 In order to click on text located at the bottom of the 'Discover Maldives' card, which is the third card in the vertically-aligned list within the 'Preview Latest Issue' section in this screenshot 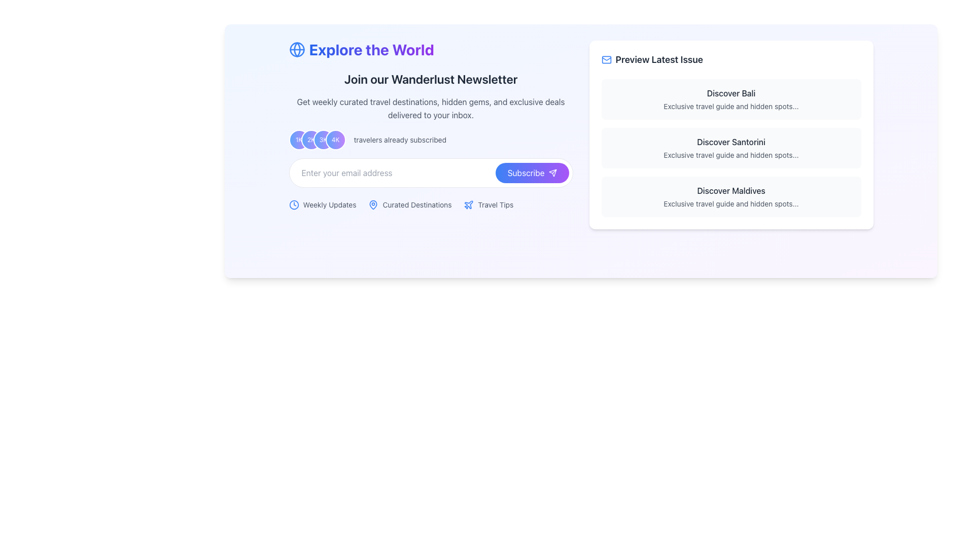, I will do `click(731, 203)`.